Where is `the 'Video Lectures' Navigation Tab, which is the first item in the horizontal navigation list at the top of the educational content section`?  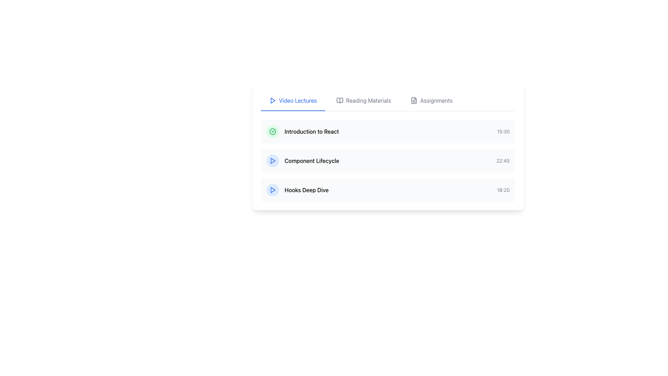 the 'Video Lectures' Navigation Tab, which is the first item in the horizontal navigation list at the top of the educational content section is located at coordinates (293, 101).